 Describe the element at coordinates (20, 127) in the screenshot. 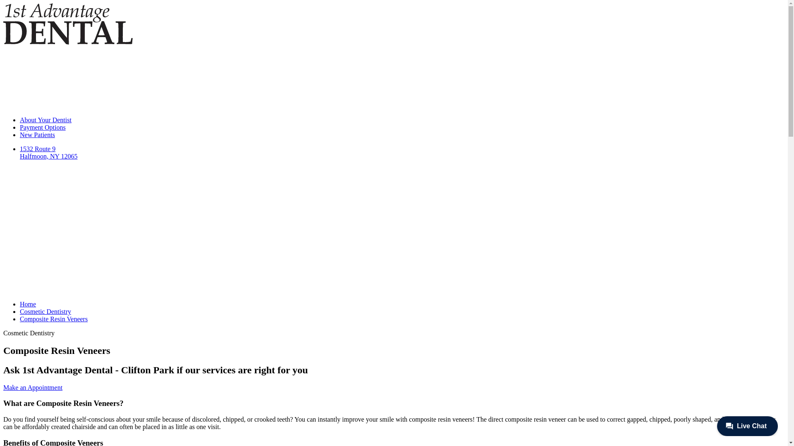

I see `'Payment Options'` at that location.